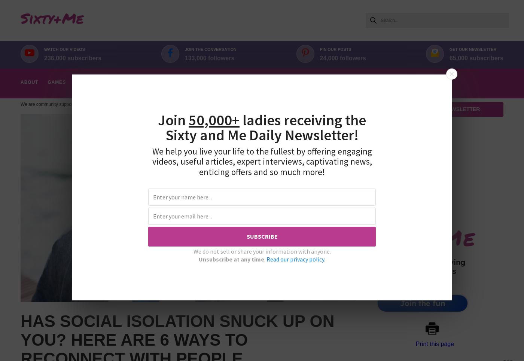 The height and width of the screenshot is (361, 524). Describe the element at coordinates (83, 82) in the screenshot. I see `'Aging'` at that location.